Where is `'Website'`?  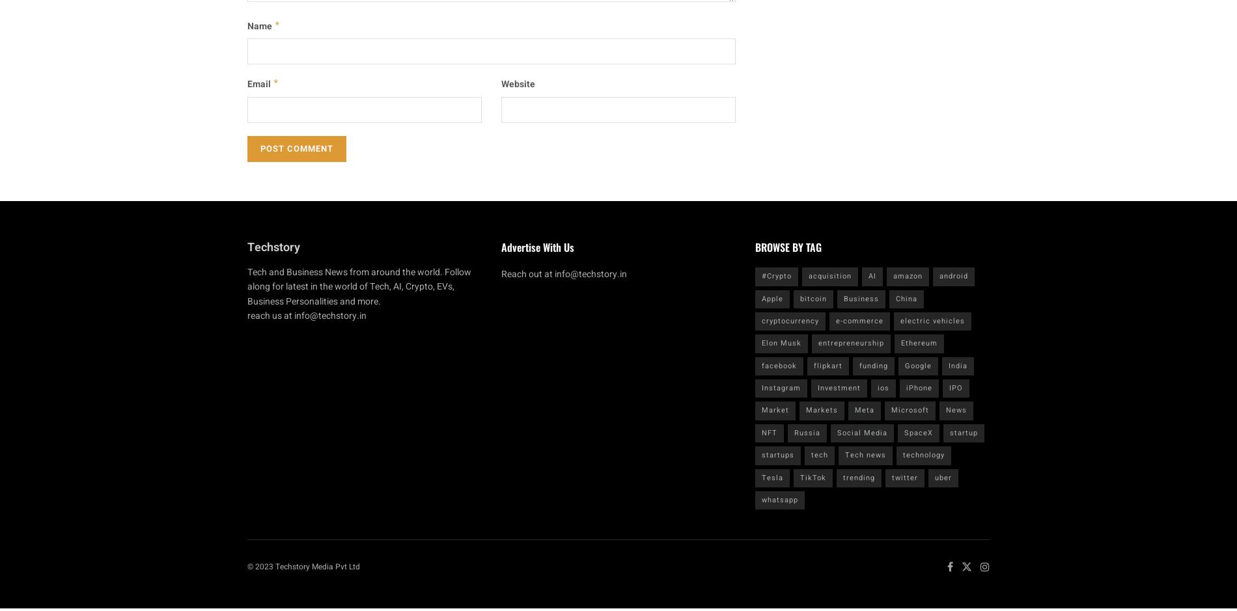
'Website' is located at coordinates (501, 83).